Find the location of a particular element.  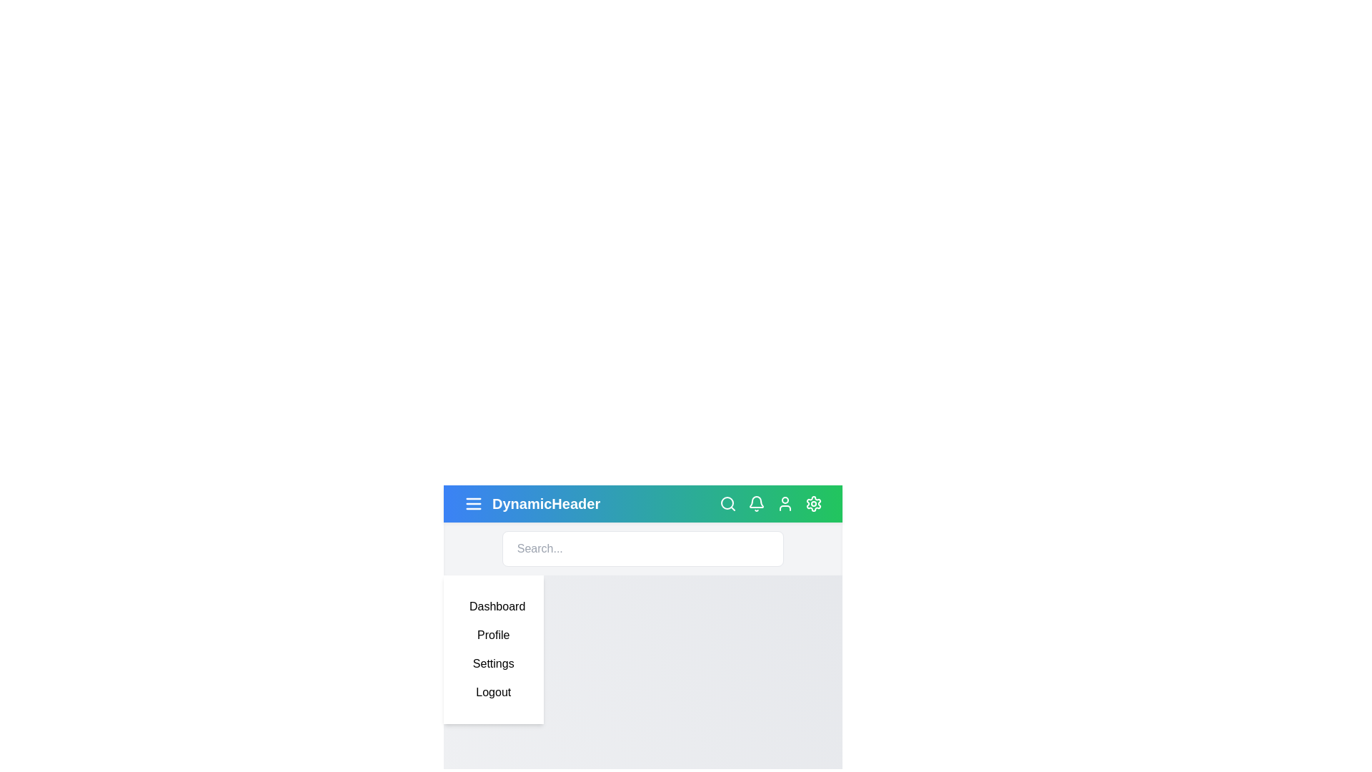

the search icon to toggle the search bar visibility is located at coordinates (727, 503).